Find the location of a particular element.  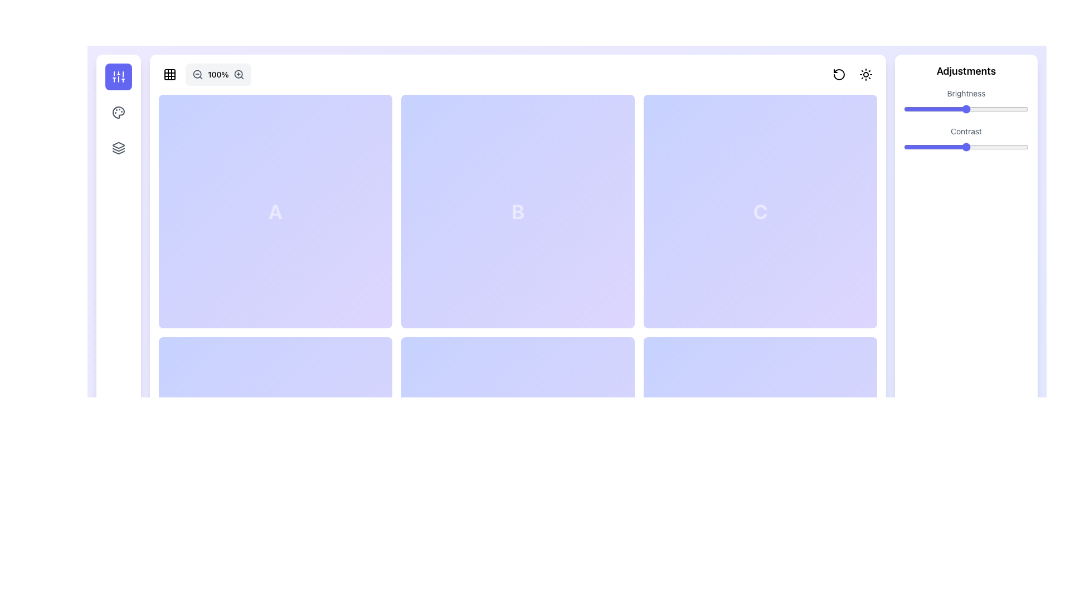

the interactive button with a bold 'B' character, which is a square tile with rounded corners and a gradient color background transitioning from indigo to violet, located in the top-center of a 3x2 grid layout is located at coordinates (517, 211).